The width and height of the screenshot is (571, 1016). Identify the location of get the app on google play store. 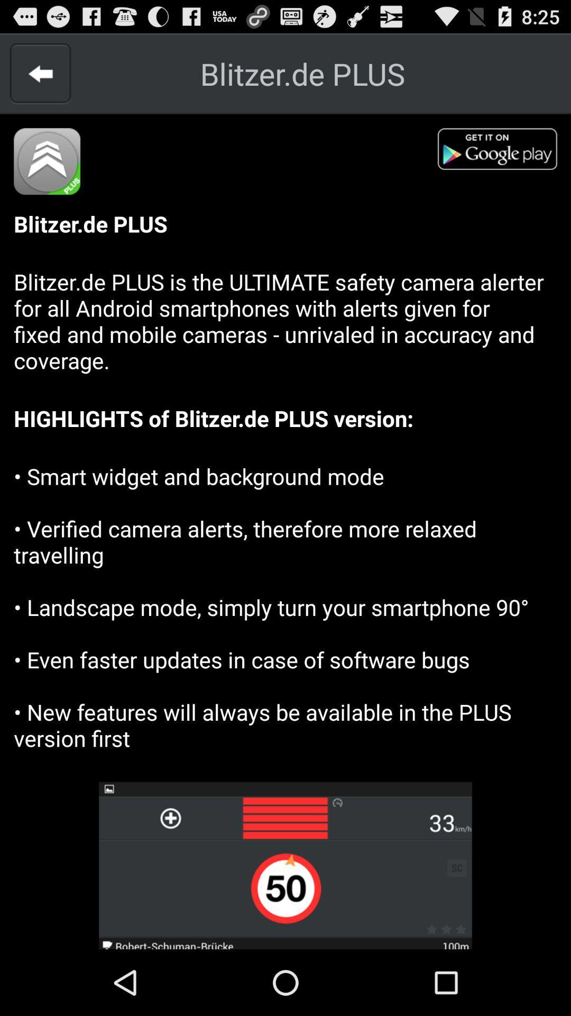
(503, 152).